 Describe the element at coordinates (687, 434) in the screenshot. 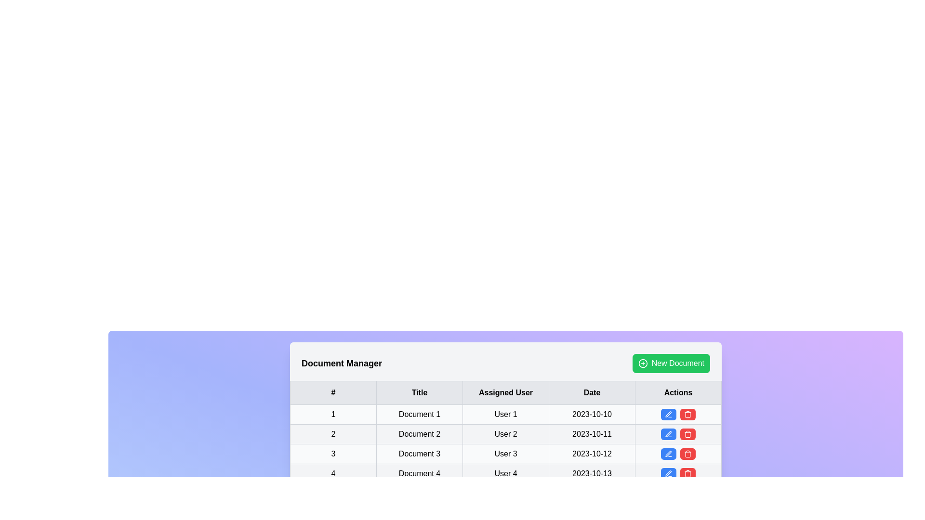

I see `the delete icon button located in the 'Actions' column for 'Document 2'` at that location.